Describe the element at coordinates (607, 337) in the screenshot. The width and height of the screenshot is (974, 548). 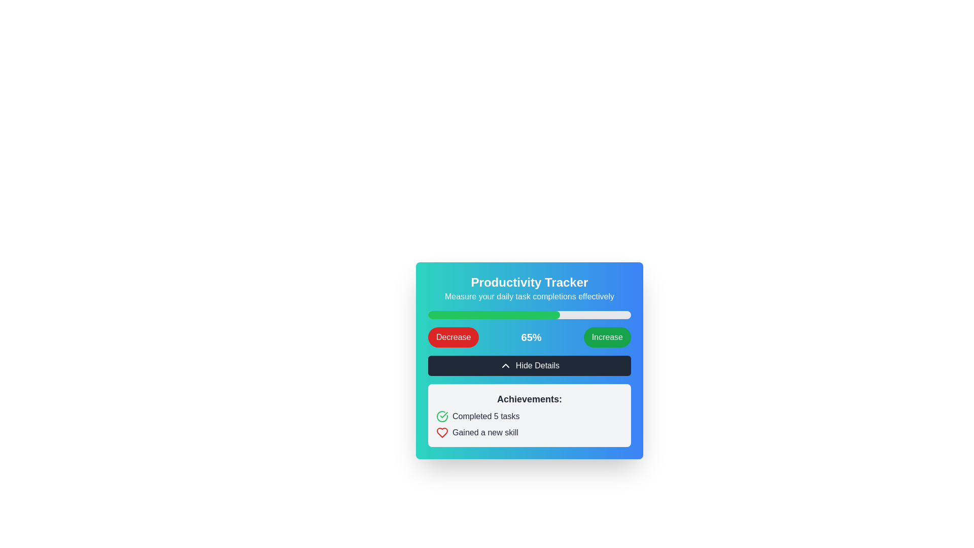
I see `the green 'Increase' button with rounded corners` at that location.